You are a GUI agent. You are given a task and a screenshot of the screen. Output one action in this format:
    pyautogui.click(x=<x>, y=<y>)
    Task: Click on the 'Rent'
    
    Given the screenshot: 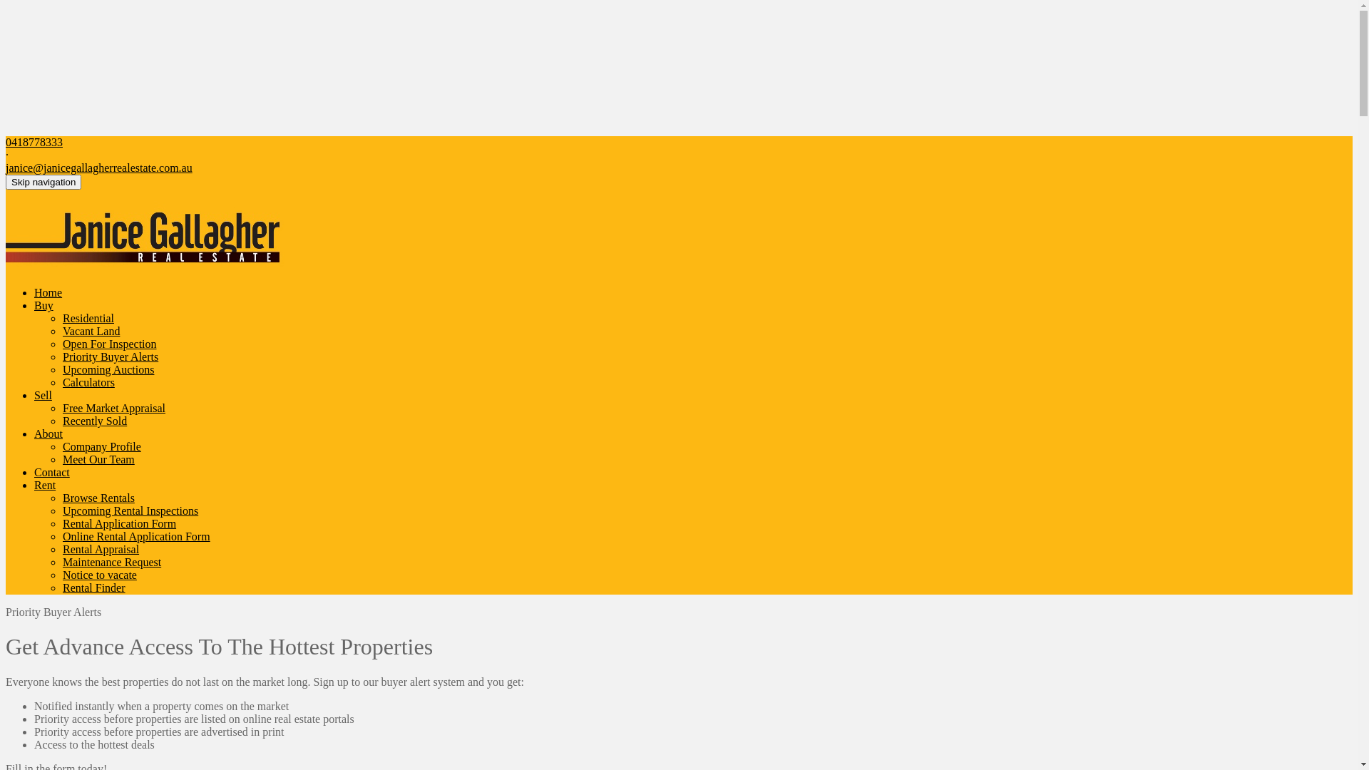 What is the action you would take?
    pyautogui.click(x=44, y=484)
    